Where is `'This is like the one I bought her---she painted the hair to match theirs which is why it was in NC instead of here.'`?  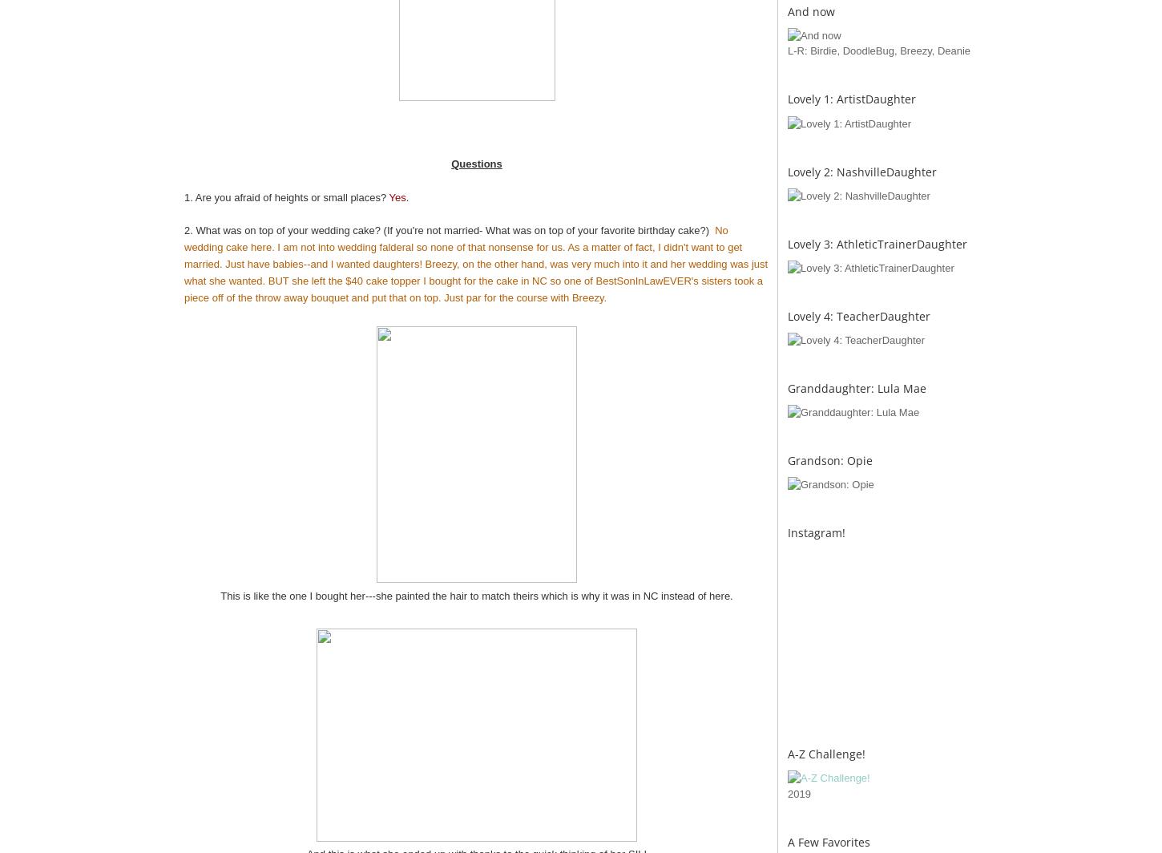
'This is like the one I bought her---she painted the hair to match theirs which is why it was in NC instead of here.' is located at coordinates (476, 595).